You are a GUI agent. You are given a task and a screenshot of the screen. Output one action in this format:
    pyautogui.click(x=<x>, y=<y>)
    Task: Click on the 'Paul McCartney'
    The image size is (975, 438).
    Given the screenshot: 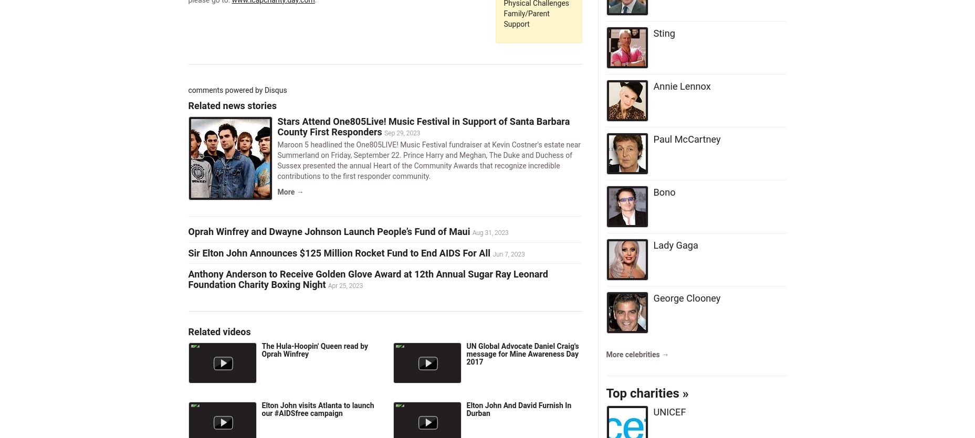 What is the action you would take?
    pyautogui.click(x=686, y=138)
    